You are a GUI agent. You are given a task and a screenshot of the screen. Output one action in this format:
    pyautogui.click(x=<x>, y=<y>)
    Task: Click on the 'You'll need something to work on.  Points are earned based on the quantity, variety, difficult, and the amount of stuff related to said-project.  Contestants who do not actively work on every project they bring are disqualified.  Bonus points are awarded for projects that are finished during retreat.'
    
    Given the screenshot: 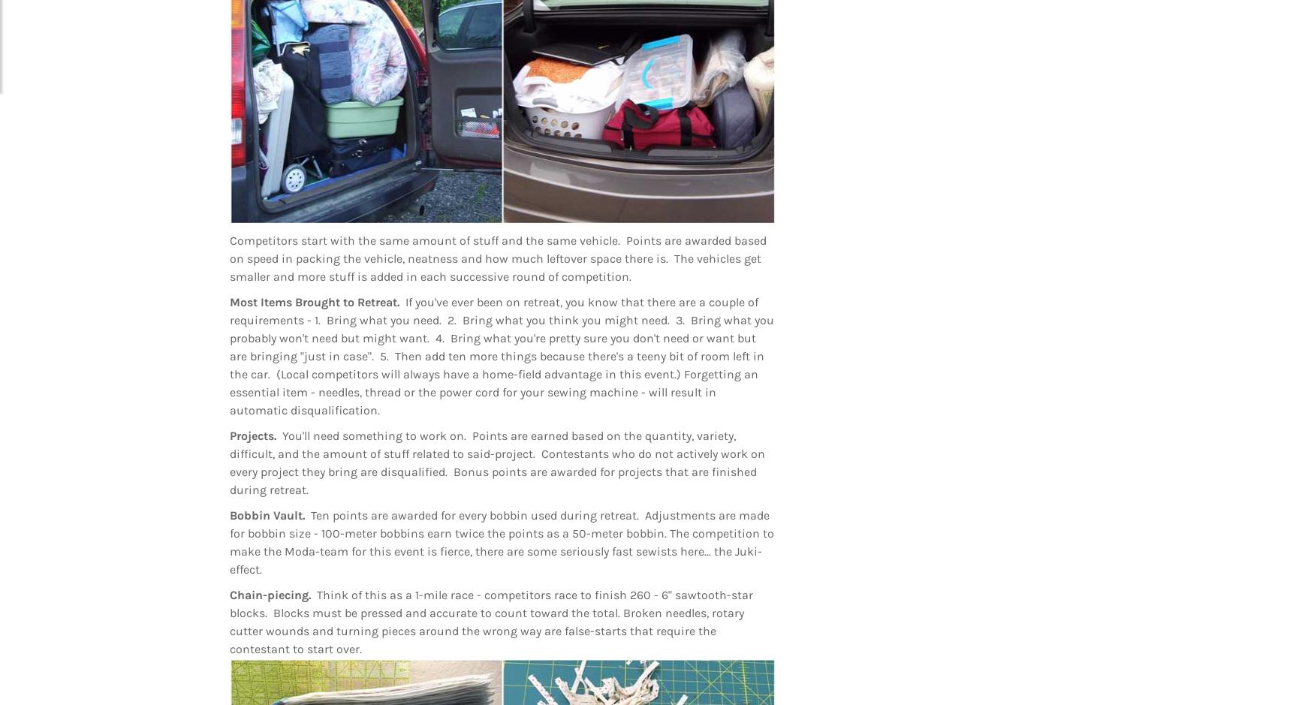 What is the action you would take?
    pyautogui.click(x=496, y=462)
    